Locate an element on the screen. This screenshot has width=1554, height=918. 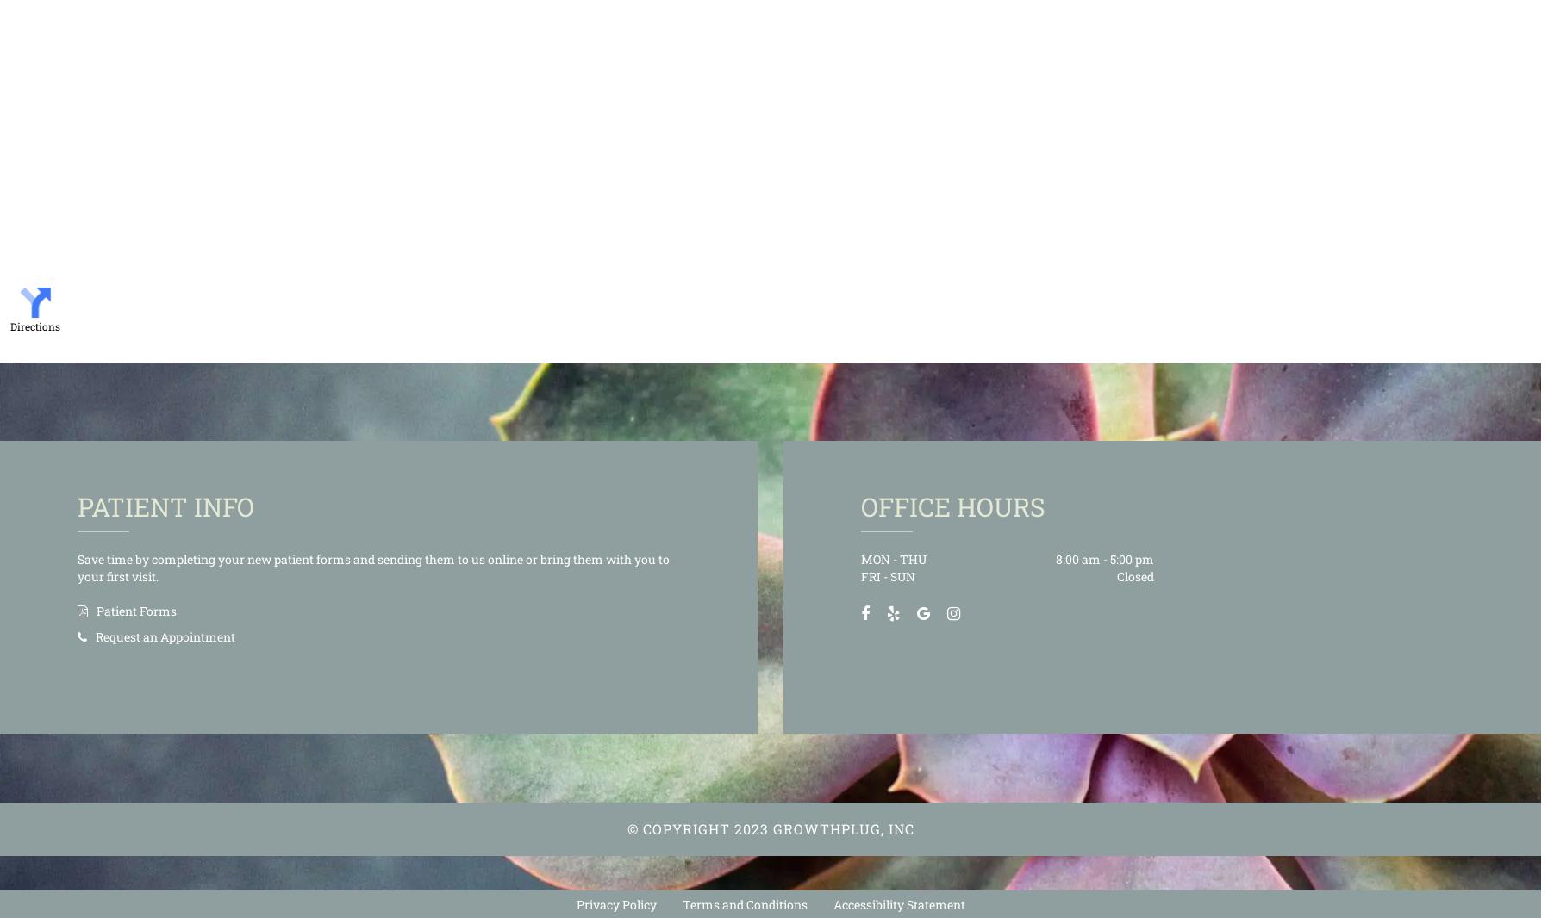
'© Copyright' is located at coordinates (625, 828).